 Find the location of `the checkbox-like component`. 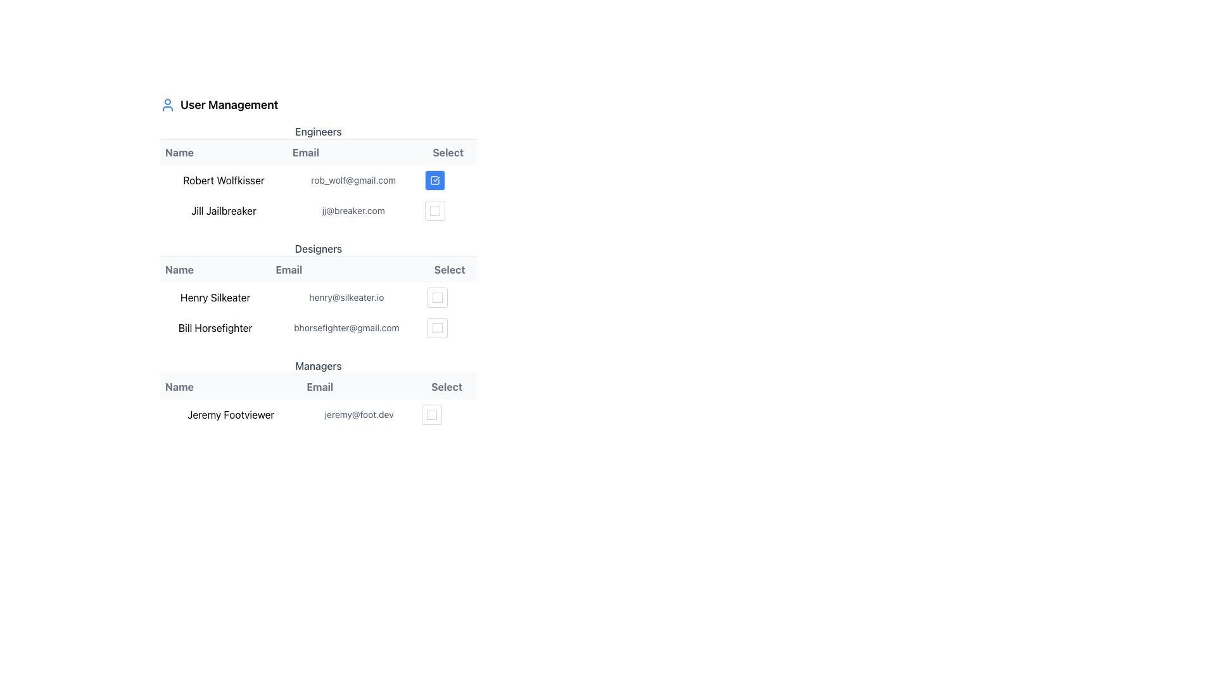

the checkbox-like component is located at coordinates (450, 327).